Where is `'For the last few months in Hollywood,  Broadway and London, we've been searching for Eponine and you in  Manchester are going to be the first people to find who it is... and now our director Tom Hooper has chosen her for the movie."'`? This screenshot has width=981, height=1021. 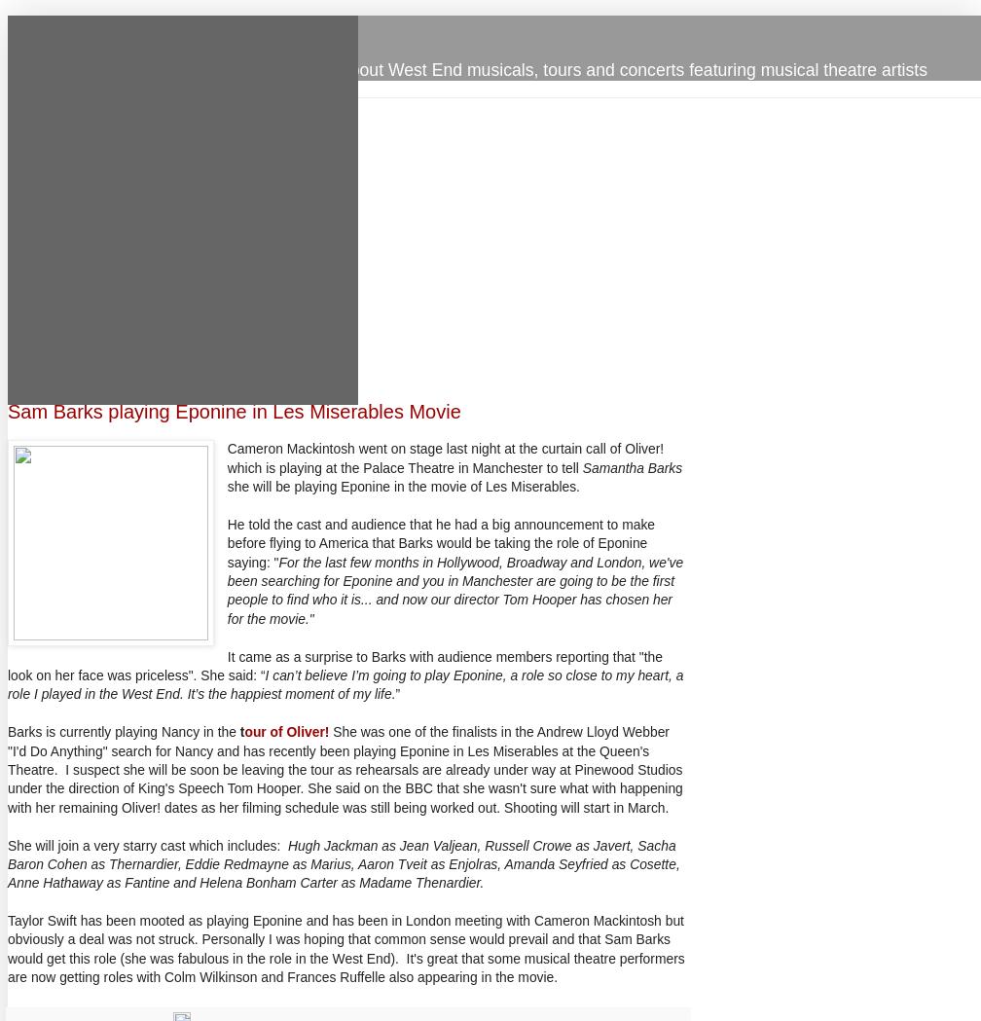
'For the last few months in Hollywood,  Broadway and London, we've been searching for Eponine and you in  Manchester are going to be the first people to find who it is... and now our director Tom Hooper has chosen her for the movie."' is located at coordinates (454, 590).